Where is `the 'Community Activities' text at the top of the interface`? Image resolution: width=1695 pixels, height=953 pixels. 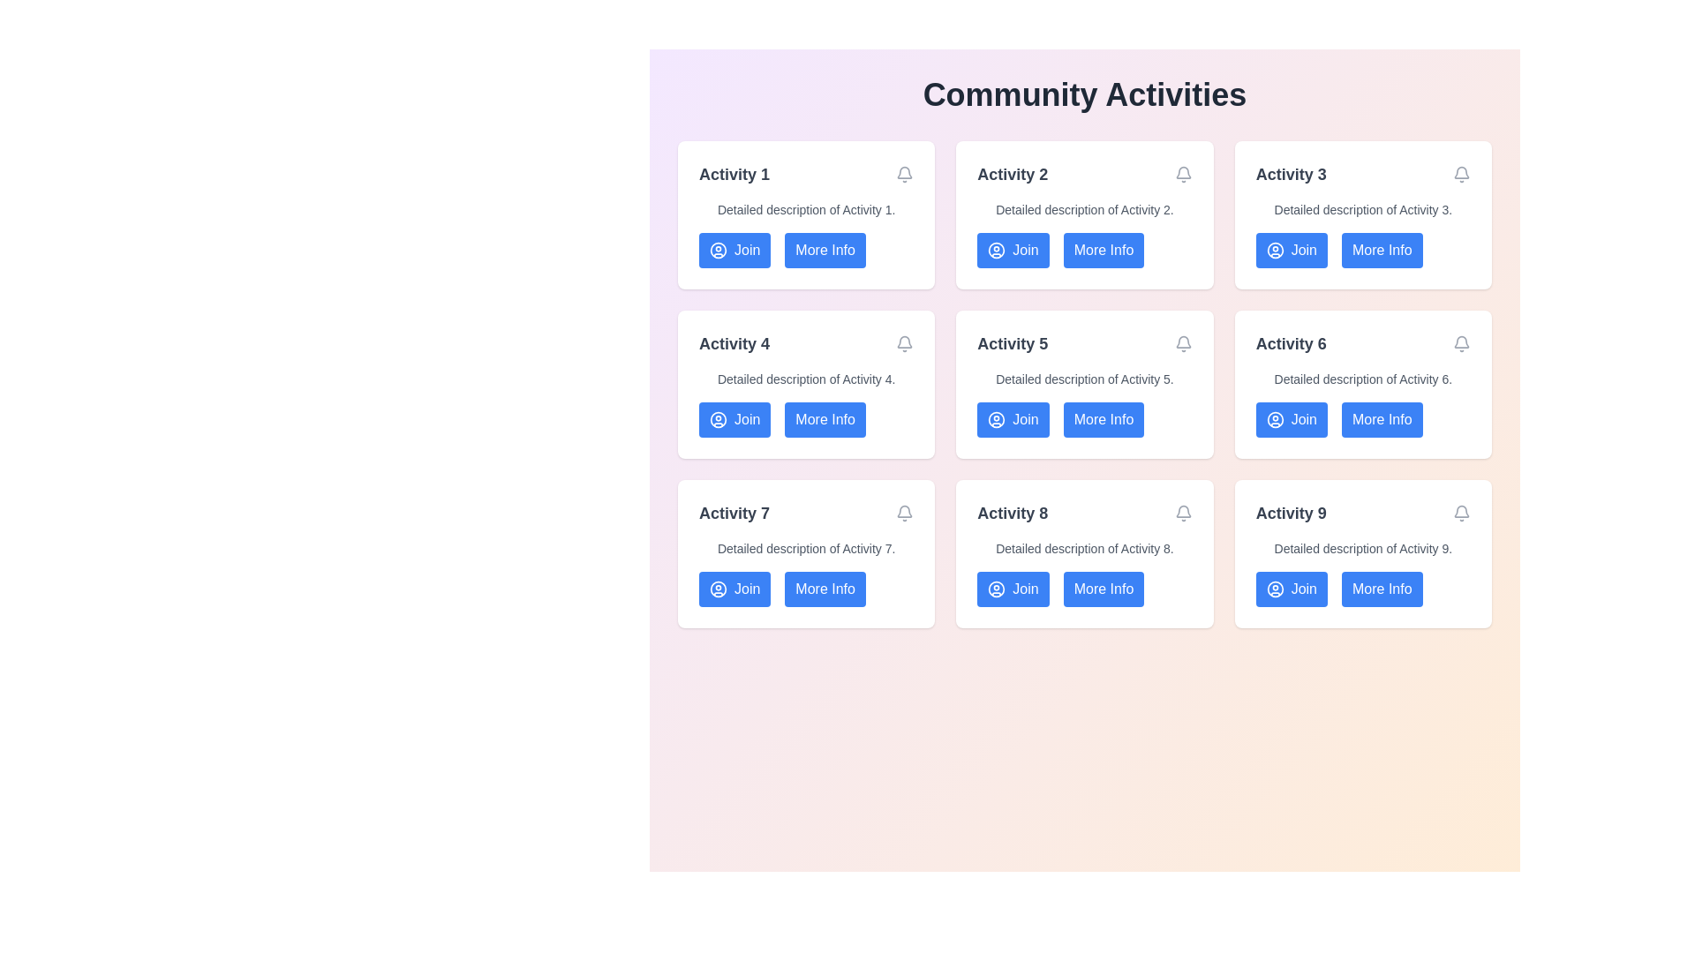
the 'Community Activities' text at the top of the interface is located at coordinates (1083, 95).